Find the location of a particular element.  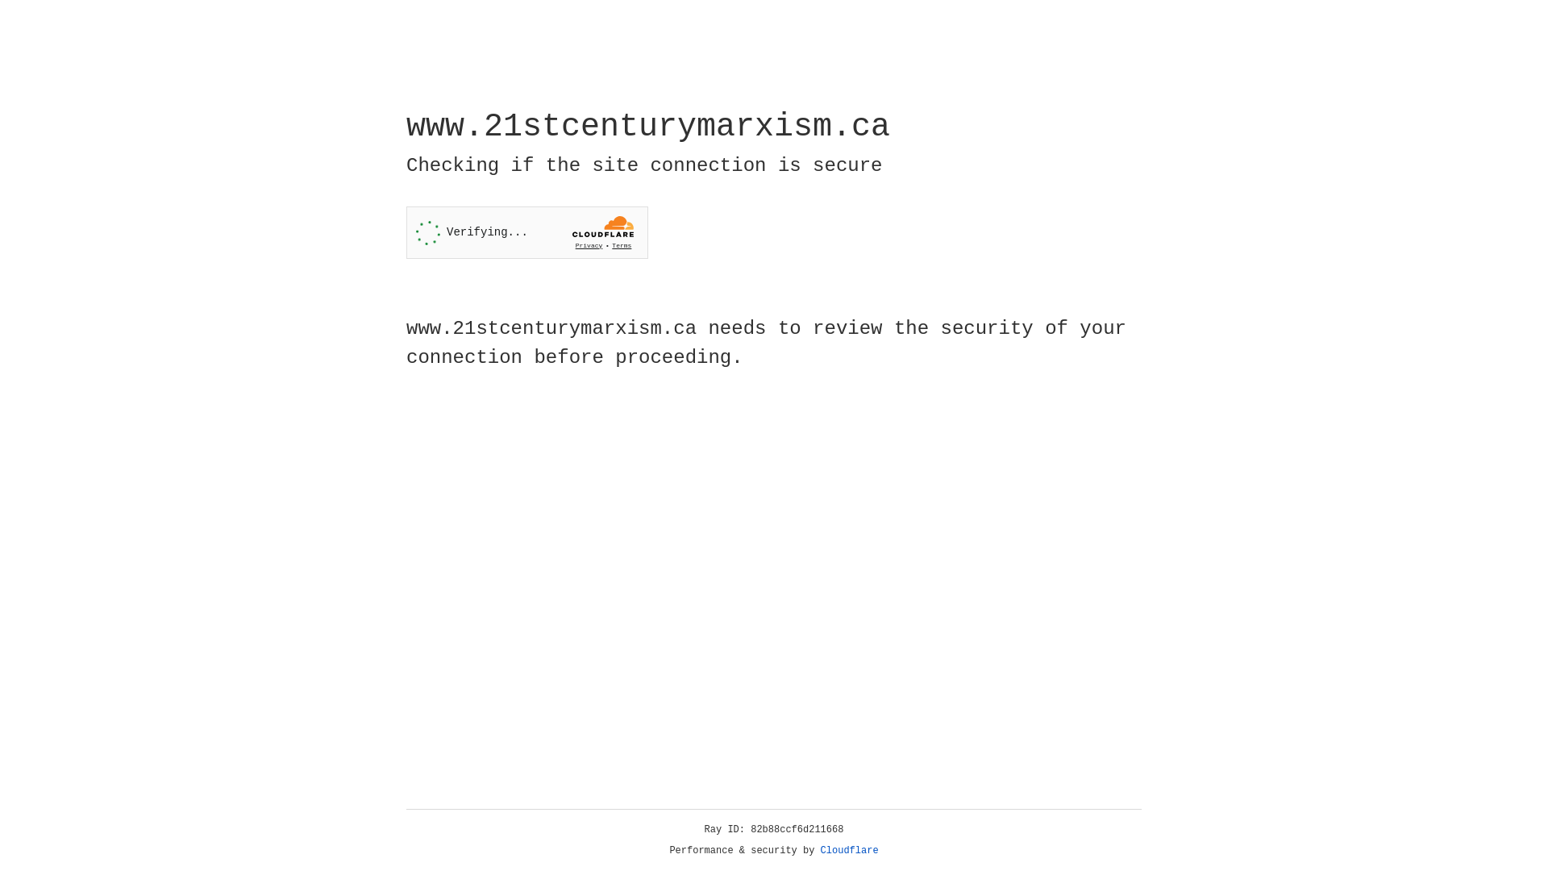

'Widget containing a Cloudflare security challenge' is located at coordinates (526, 232).